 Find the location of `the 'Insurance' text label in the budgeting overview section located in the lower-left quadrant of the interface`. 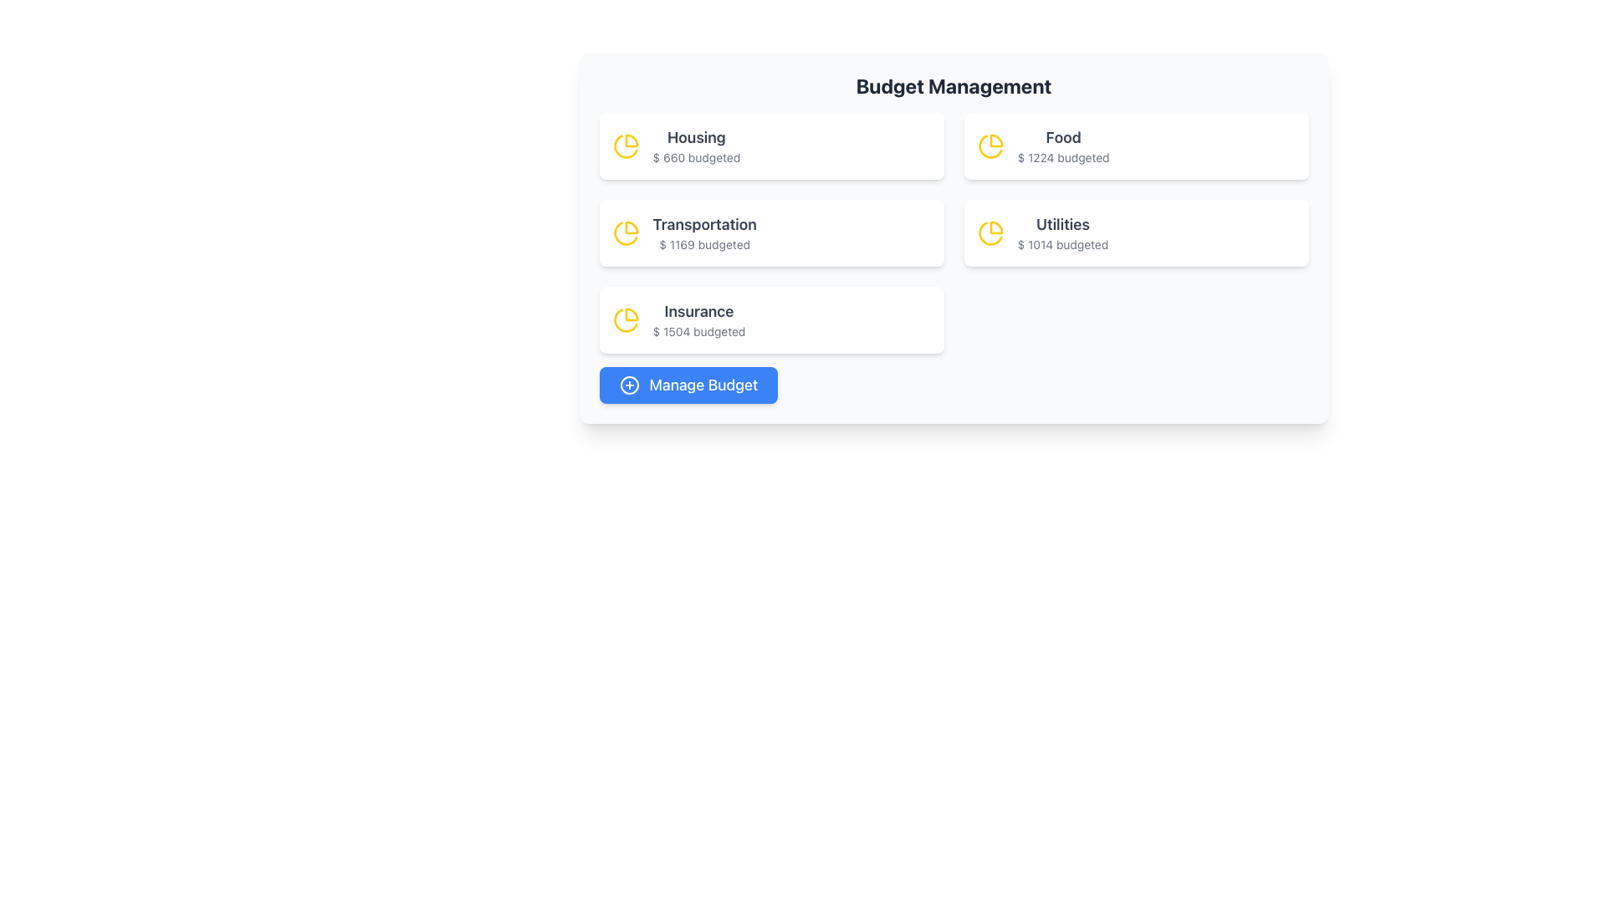

the 'Insurance' text label in the budgeting overview section located in the lower-left quadrant of the interface is located at coordinates (698, 312).